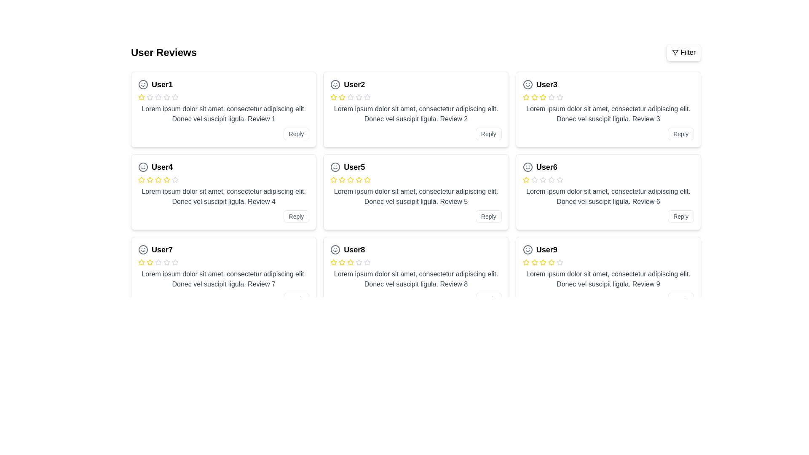  I want to click on the reply button located at the bottom-right corner of the User8 review card to initiate a reply action, so click(488, 298).